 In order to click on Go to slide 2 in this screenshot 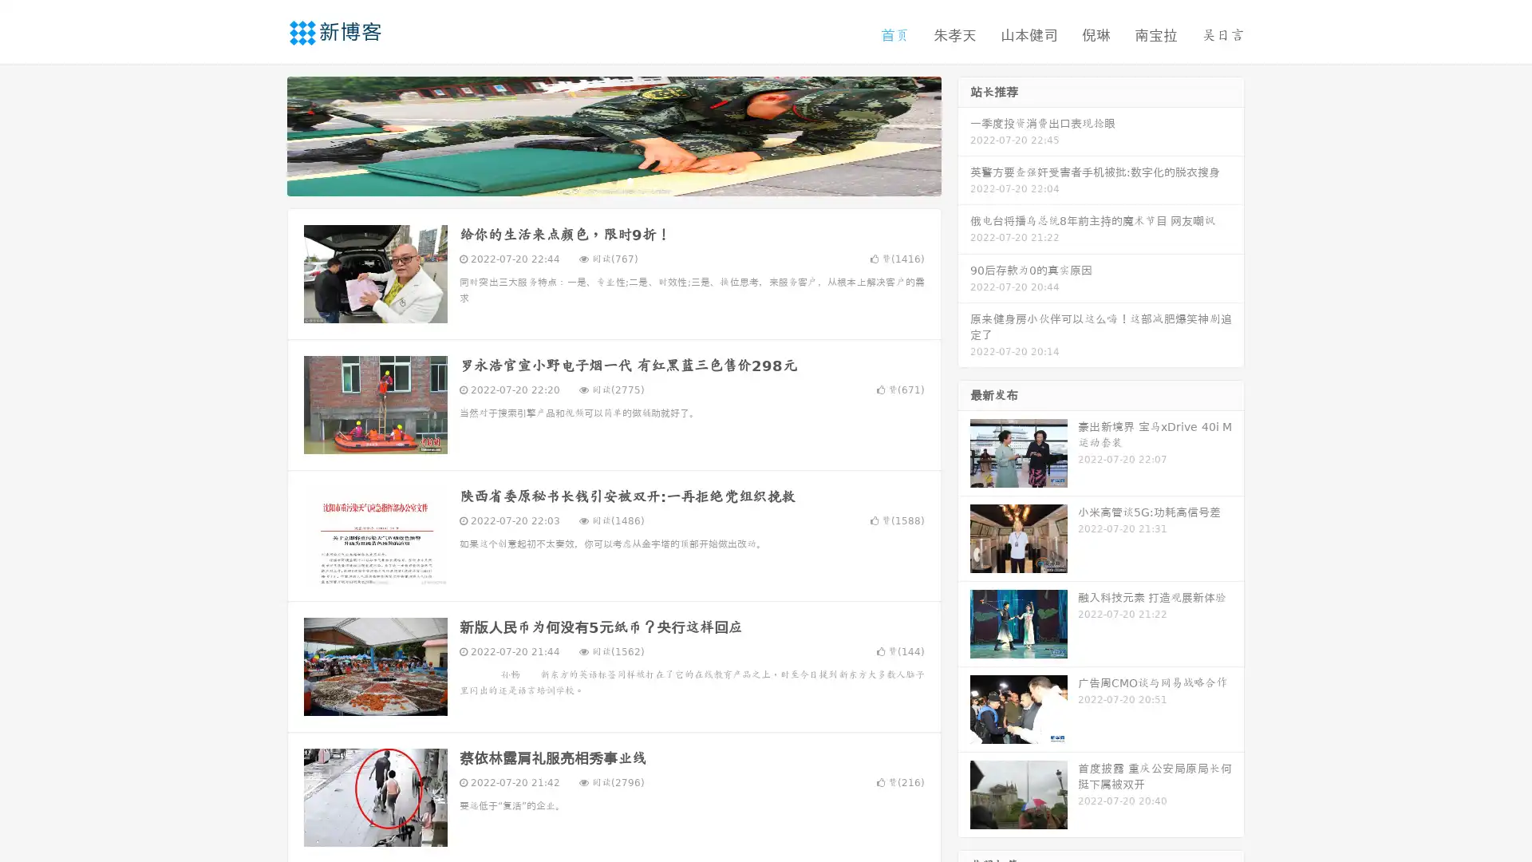, I will do `click(613, 180)`.